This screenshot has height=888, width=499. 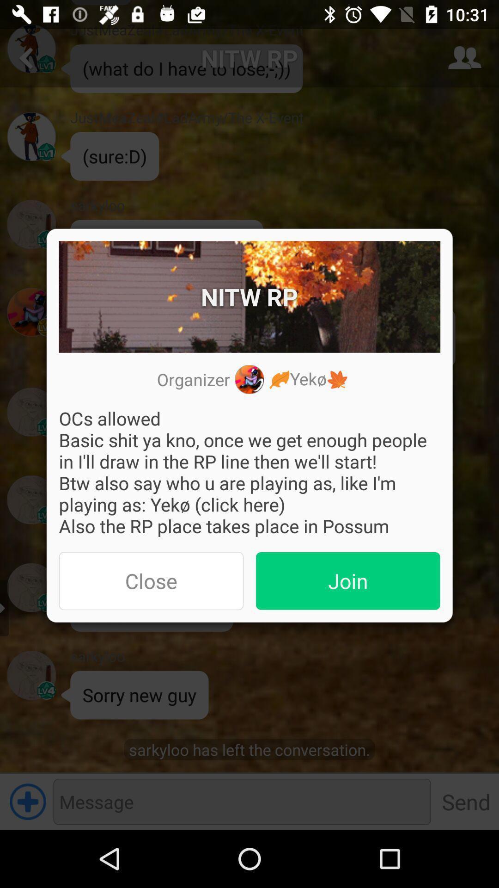 I want to click on the app below ocs allowed basic, so click(x=151, y=580).